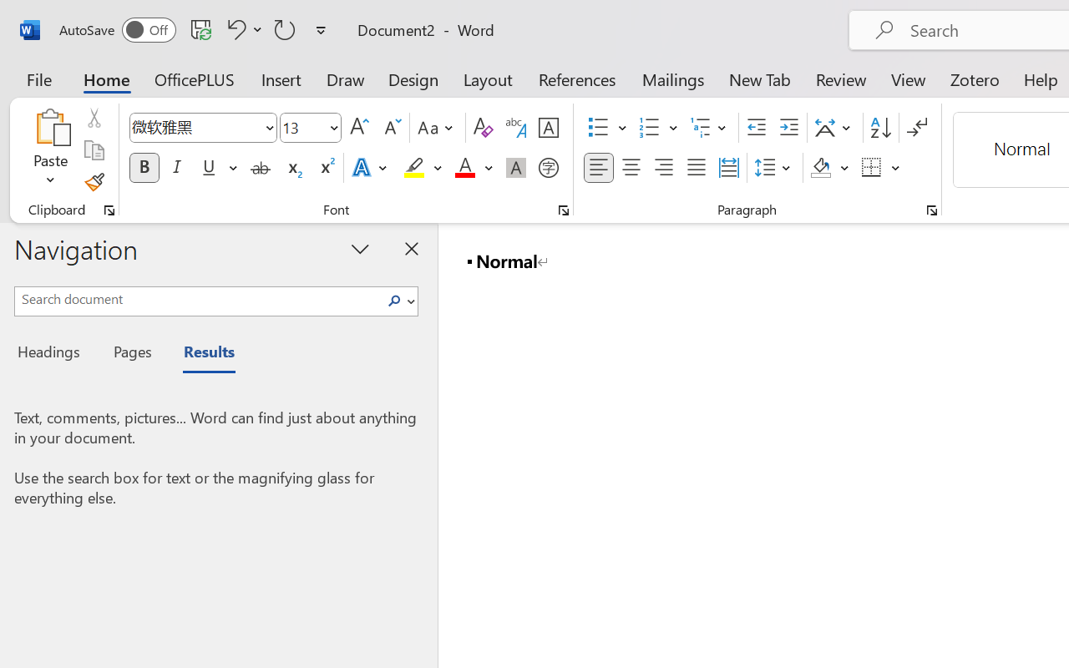 The image size is (1069, 668). What do you see at coordinates (260, 168) in the screenshot?
I see `'Strikethrough'` at bounding box center [260, 168].